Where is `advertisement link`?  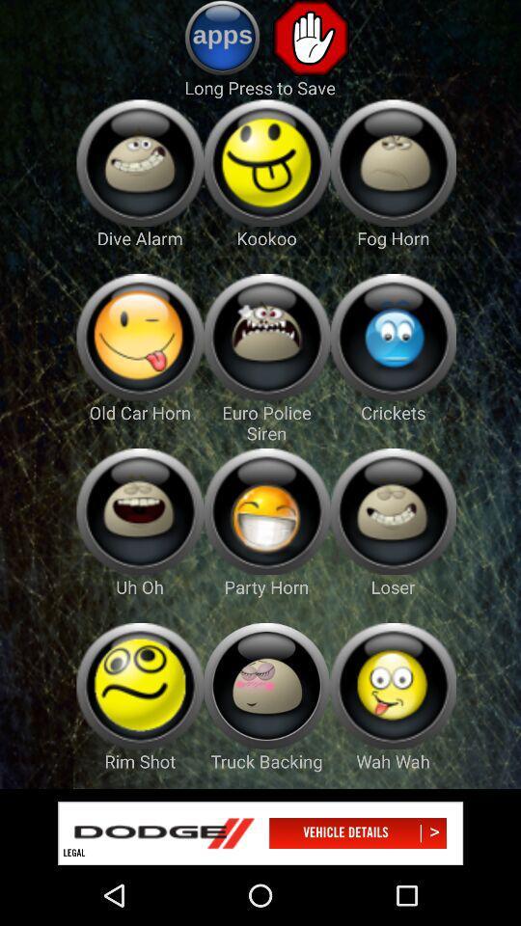
advertisement link is located at coordinates (260, 832).